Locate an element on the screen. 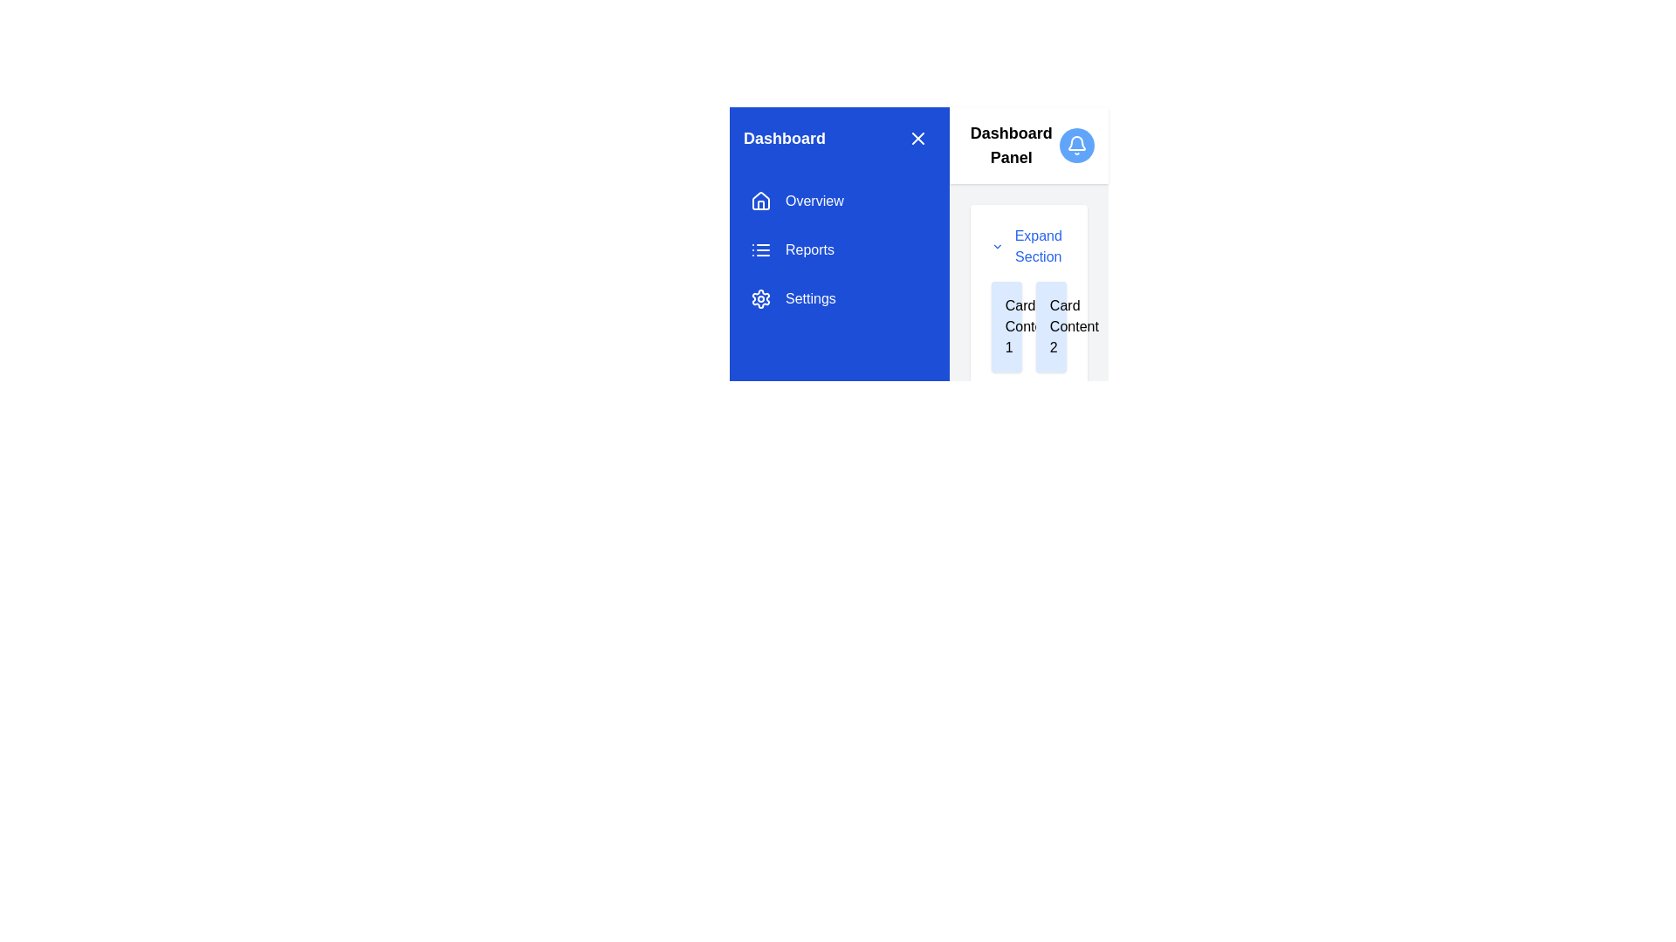 Image resolution: width=1676 pixels, height=942 pixels. the 'Expand Section' button, which features a downward-pointing chevron icon on the left and bold blue text on the right is located at coordinates (1028, 246).